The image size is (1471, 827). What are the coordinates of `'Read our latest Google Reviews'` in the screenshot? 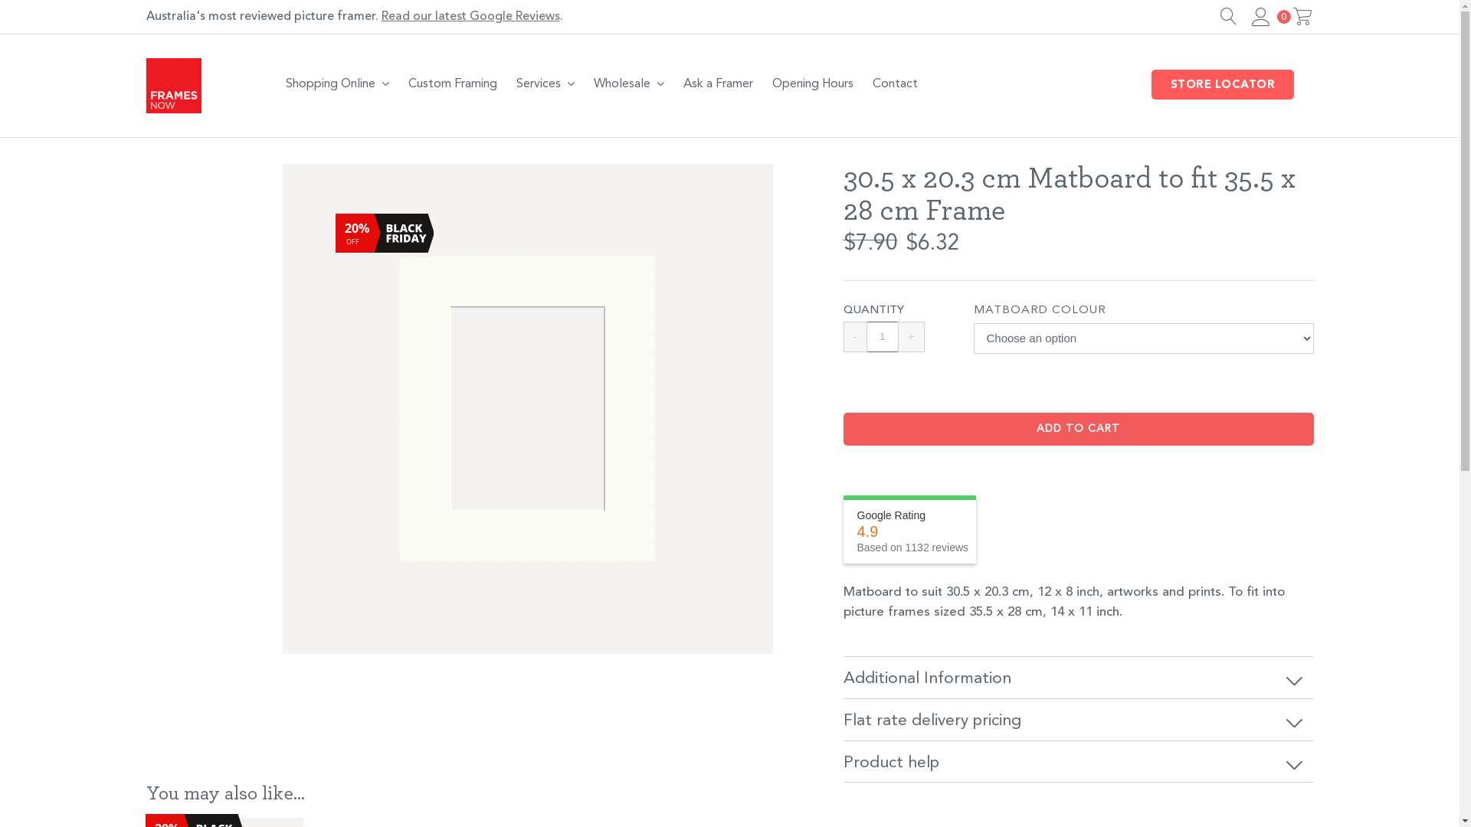 It's located at (470, 17).